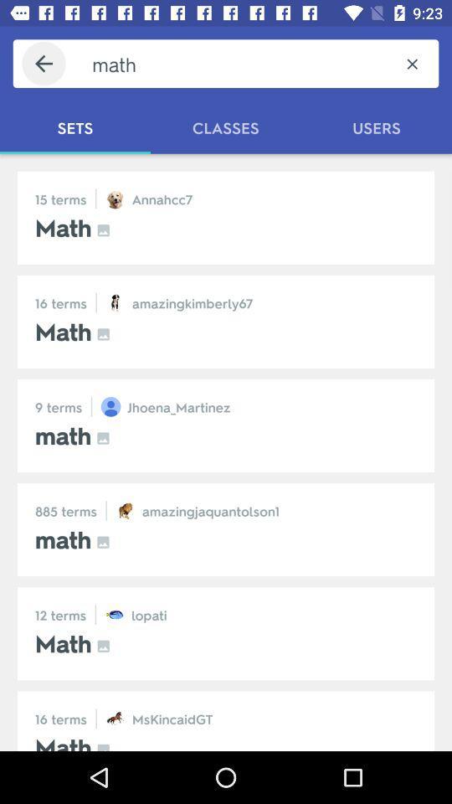  What do you see at coordinates (411, 64) in the screenshot?
I see `the item above users` at bounding box center [411, 64].